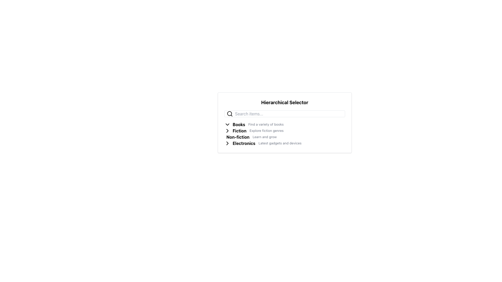 The height and width of the screenshot is (282, 502). I want to click on the text label reading 'Non-fiction' which is styled in bold black font under the 'Books' category, so click(238, 137).